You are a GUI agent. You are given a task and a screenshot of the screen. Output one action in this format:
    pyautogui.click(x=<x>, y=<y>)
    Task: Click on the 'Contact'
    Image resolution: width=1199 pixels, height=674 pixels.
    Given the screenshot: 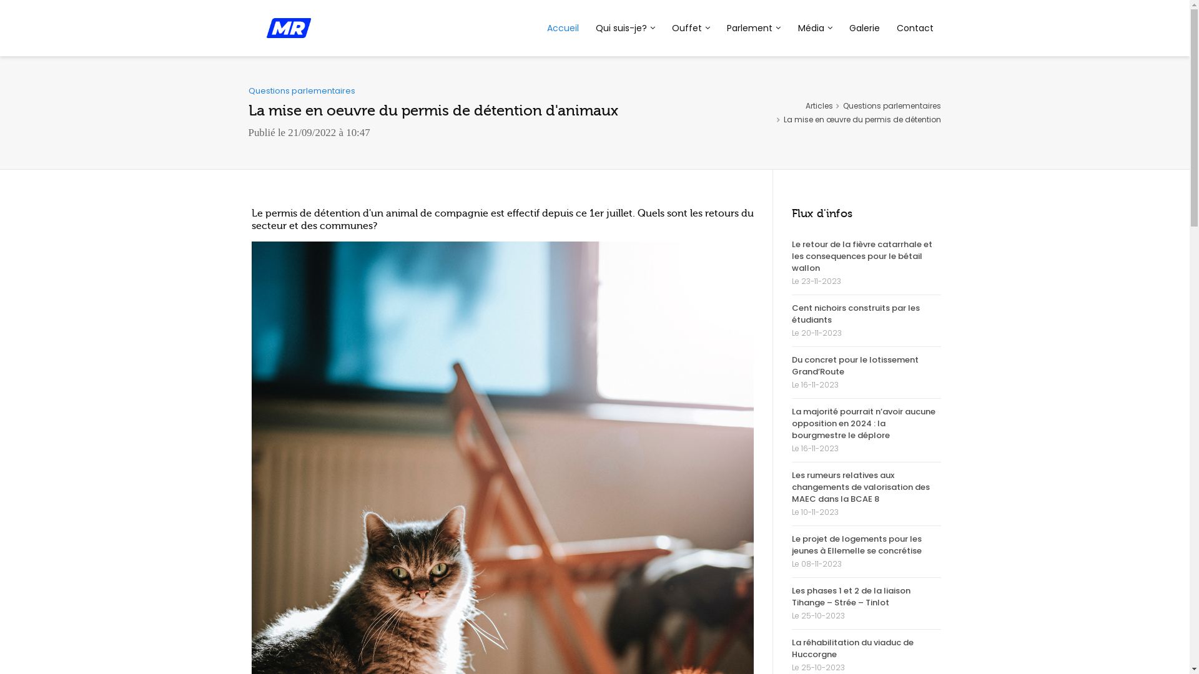 What is the action you would take?
    pyautogui.click(x=914, y=28)
    